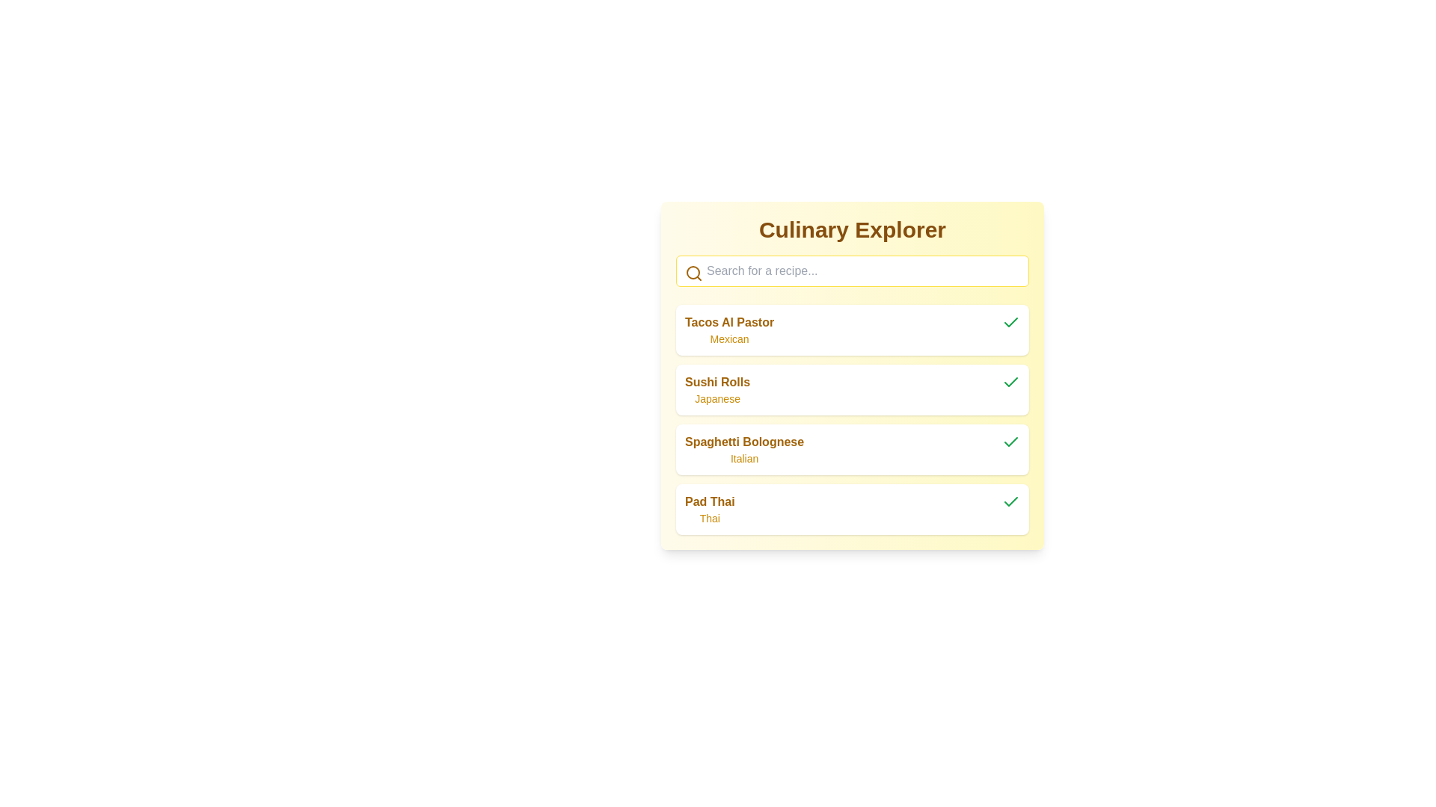 The width and height of the screenshot is (1436, 807). What do you see at coordinates (1011, 322) in the screenshot?
I see `the green checkmark icon indicating a completed state located in the top-right corner of the 'Tacos Al Pastor' card for potential interactions` at bounding box center [1011, 322].